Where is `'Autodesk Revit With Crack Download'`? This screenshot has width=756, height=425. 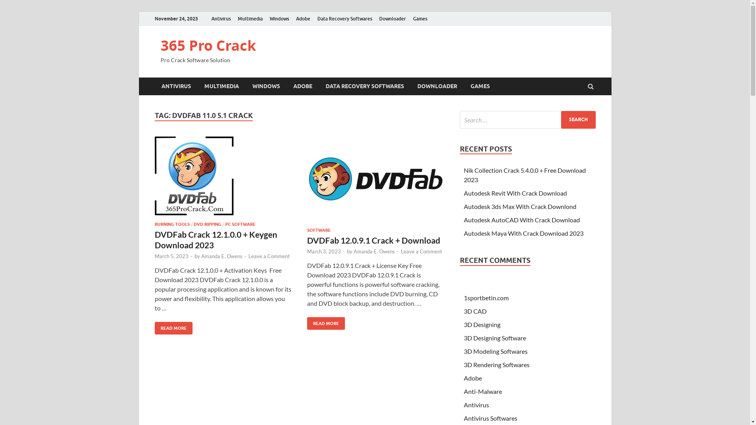
'Autodesk Revit With Crack Download' is located at coordinates (515, 193).